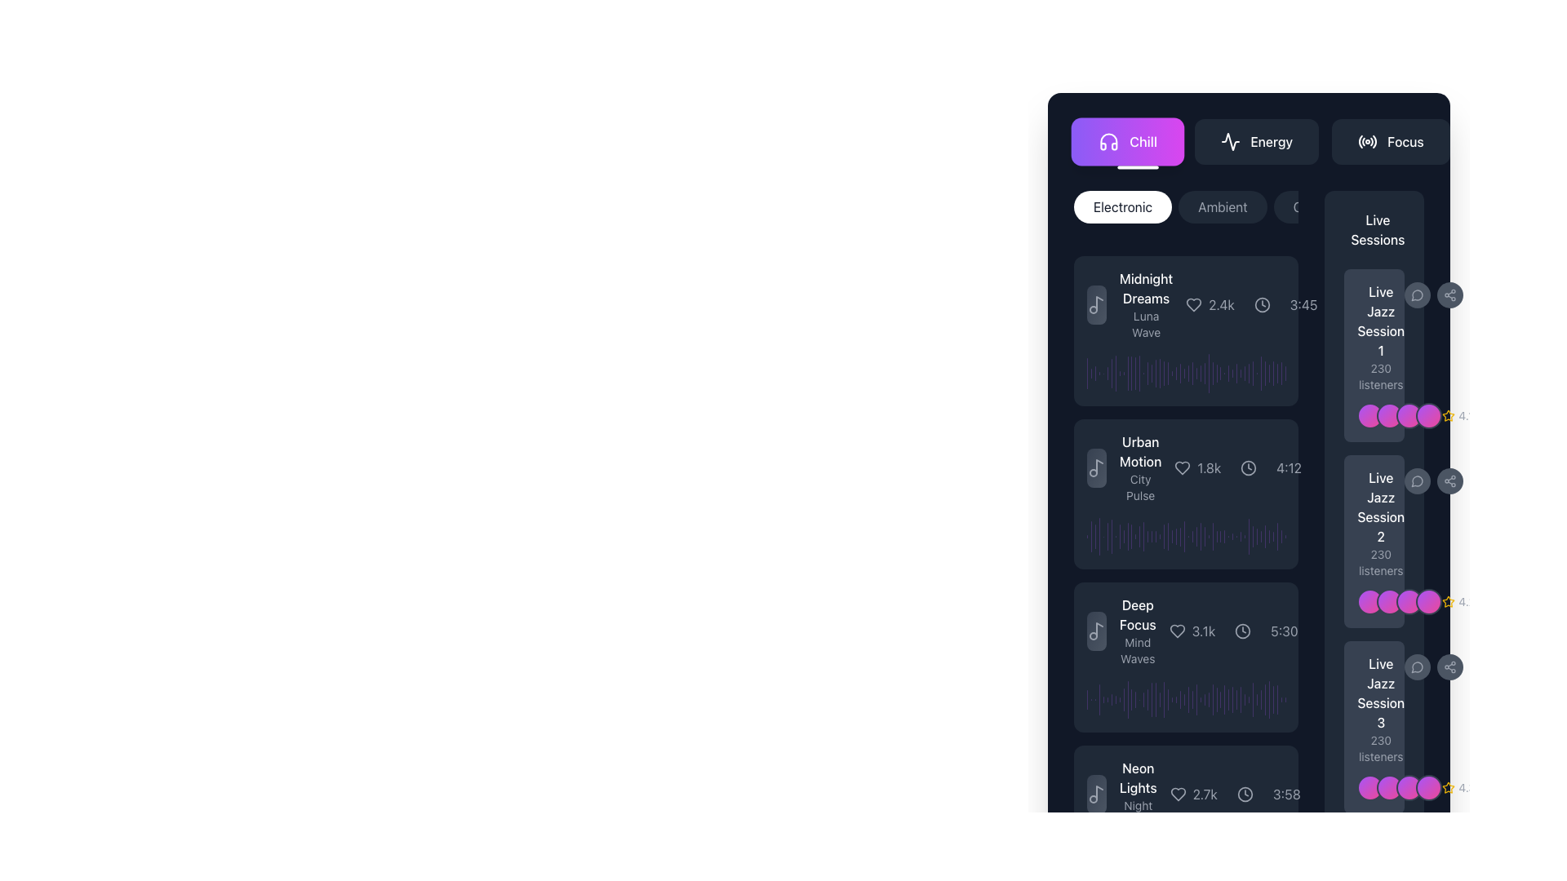 This screenshot has height=881, width=1567. I want to click on the heart-shaped icon with an outline style, located beside the text '1.8k', which represents likes or favorites, so click(1183, 468).